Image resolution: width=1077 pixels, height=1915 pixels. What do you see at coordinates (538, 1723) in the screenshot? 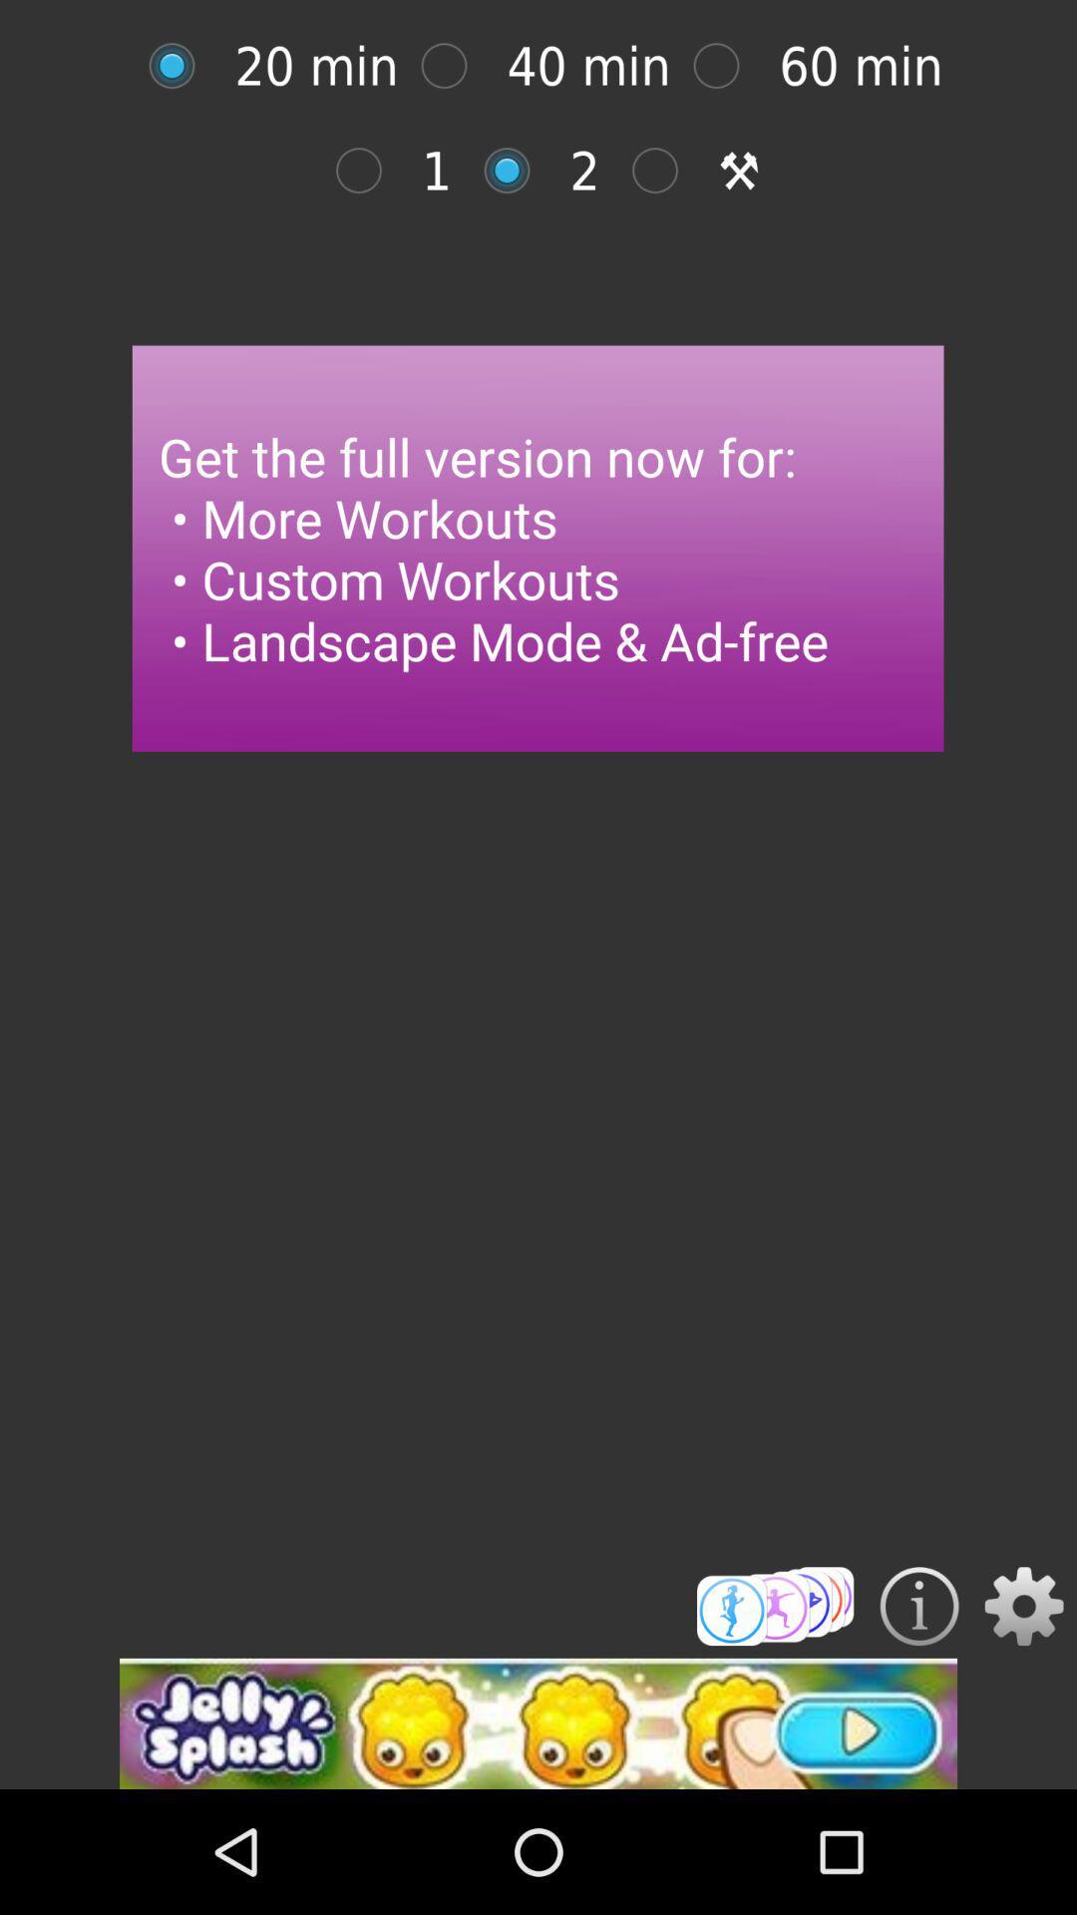
I see `open advertisements` at bounding box center [538, 1723].